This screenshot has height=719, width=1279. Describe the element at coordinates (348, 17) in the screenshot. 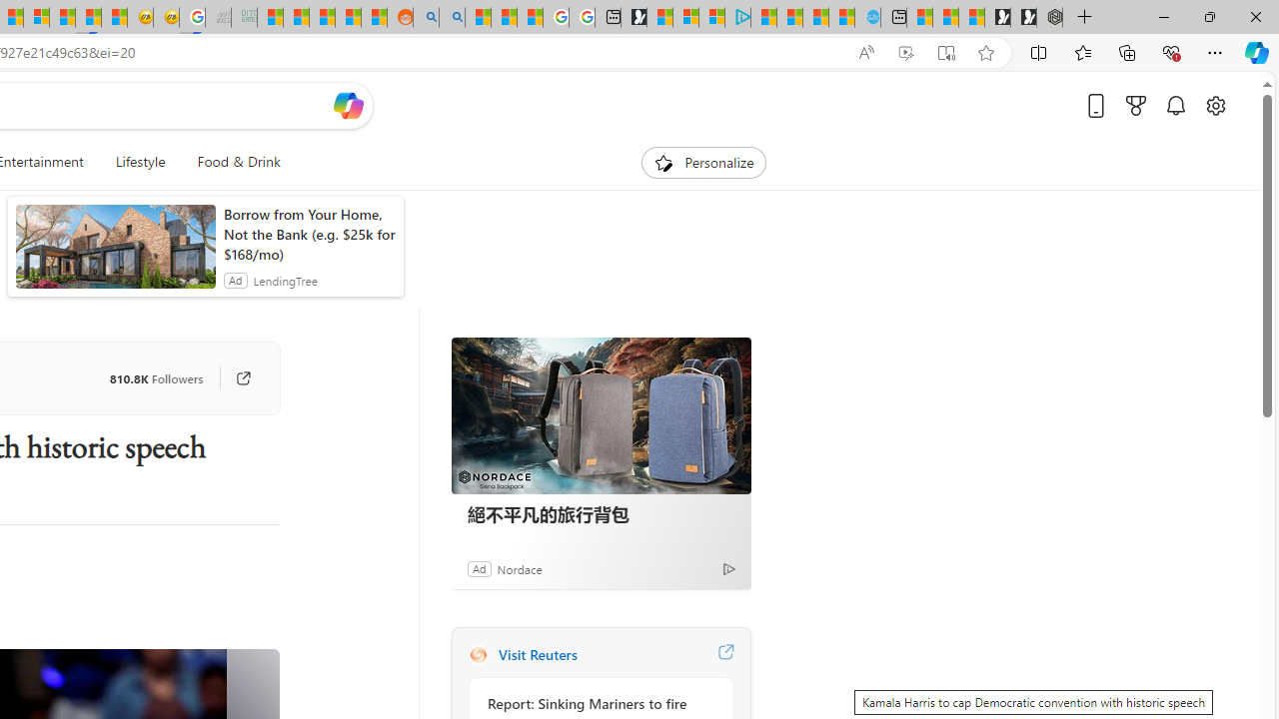

I see `'Student Loan Update: Forgiveness Program Ends This Month'` at that location.